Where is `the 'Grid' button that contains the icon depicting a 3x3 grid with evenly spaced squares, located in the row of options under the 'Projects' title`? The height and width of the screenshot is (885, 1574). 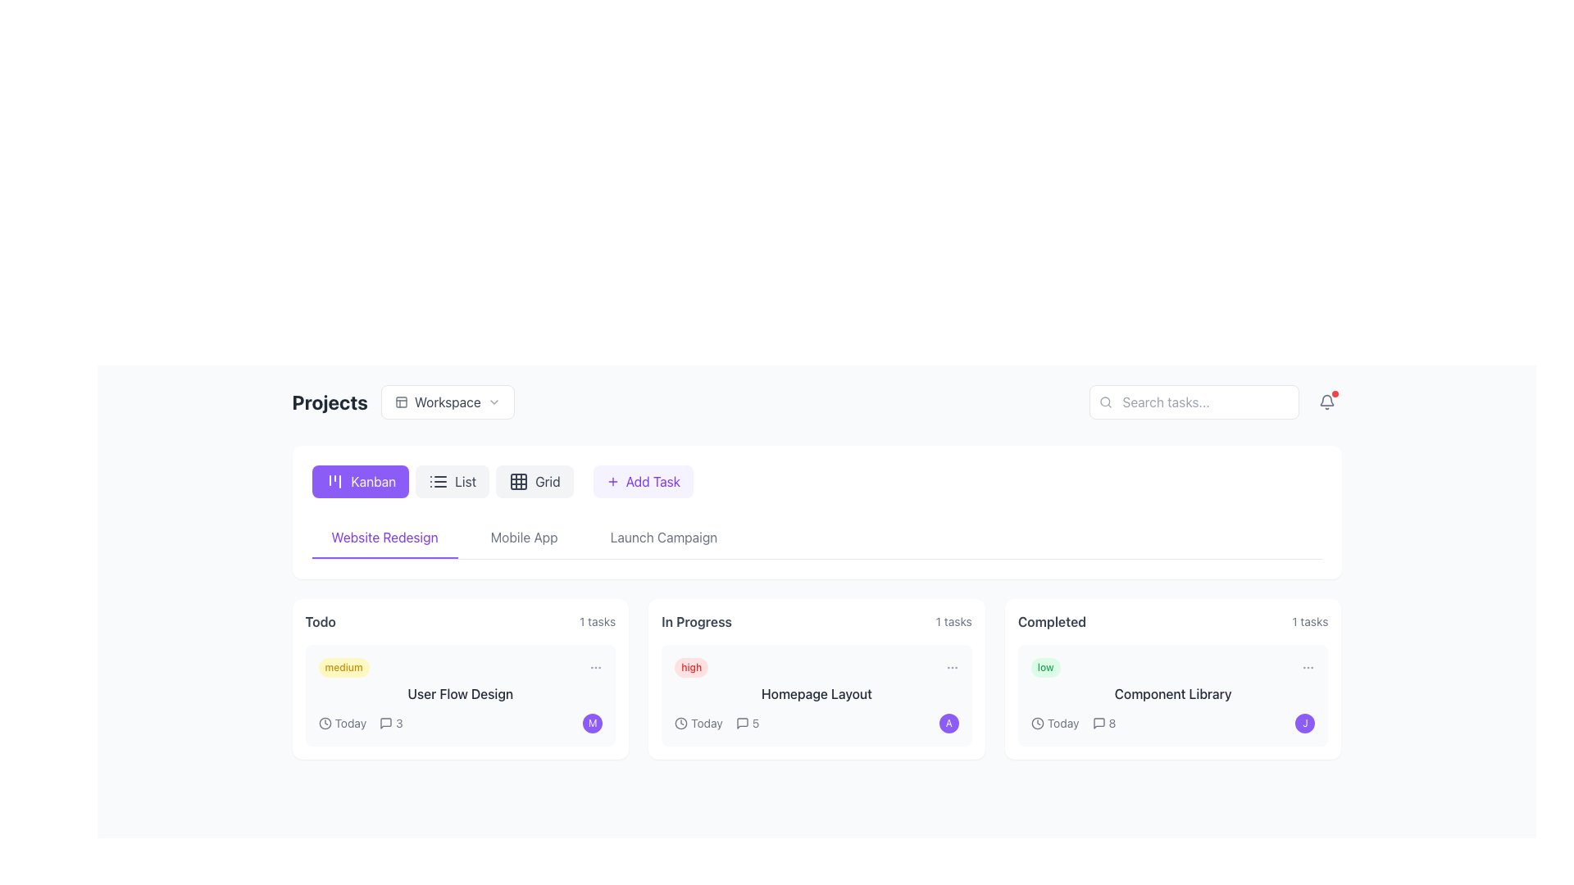
the 'Grid' button that contains the icon depicting a 3x3 grid with evenly spaced squares, located in the row of options under the 'Projects' title is located at coordinates (518, 480).